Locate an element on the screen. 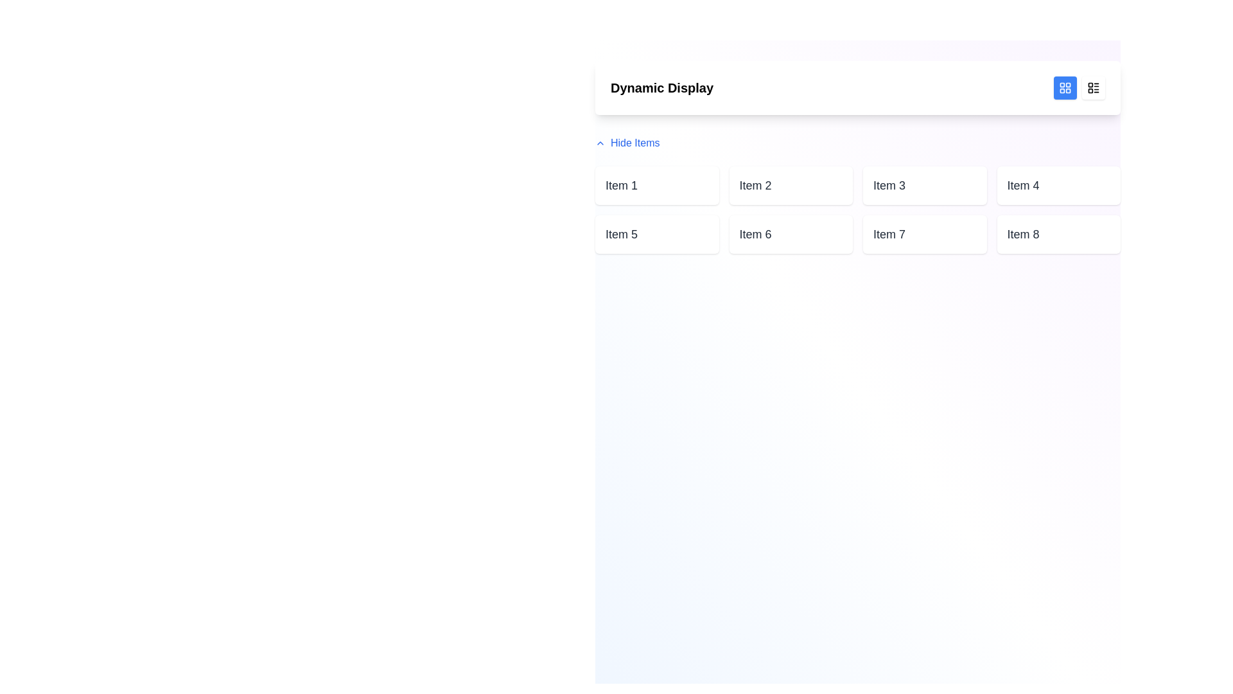 The image size is (1233, 694). the button representing 'Item 8' located in the fourth column of the second row of the grid layout is located at coordinates (1058, 235).